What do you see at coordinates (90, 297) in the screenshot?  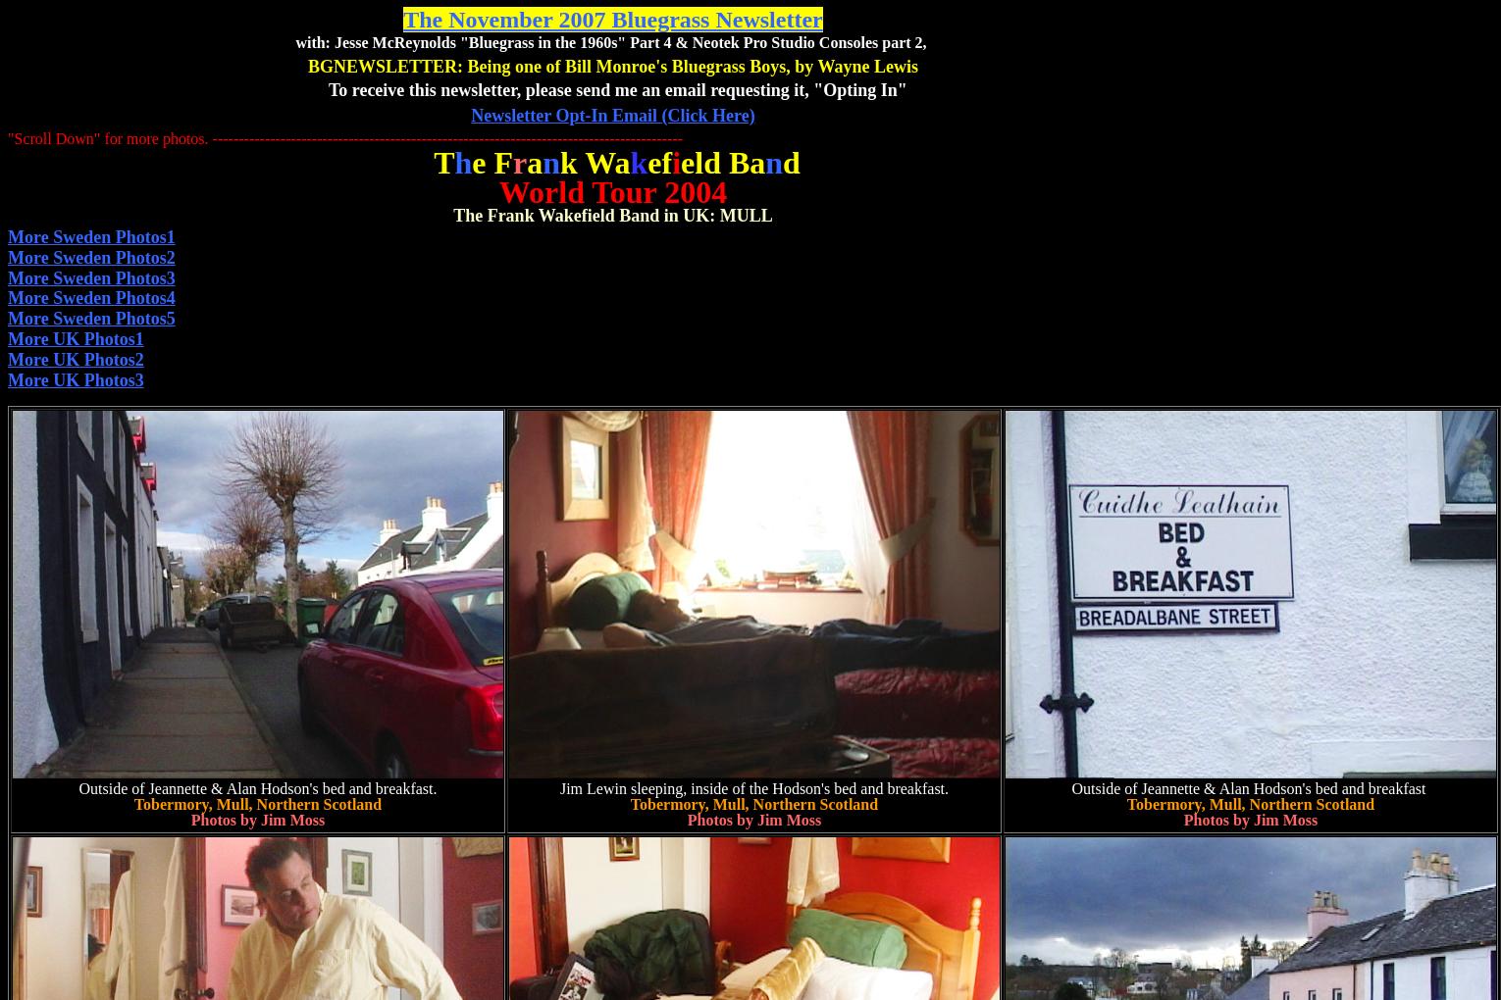 I see `'More
Sweden Photos4'` at bounding box center [90, 297].